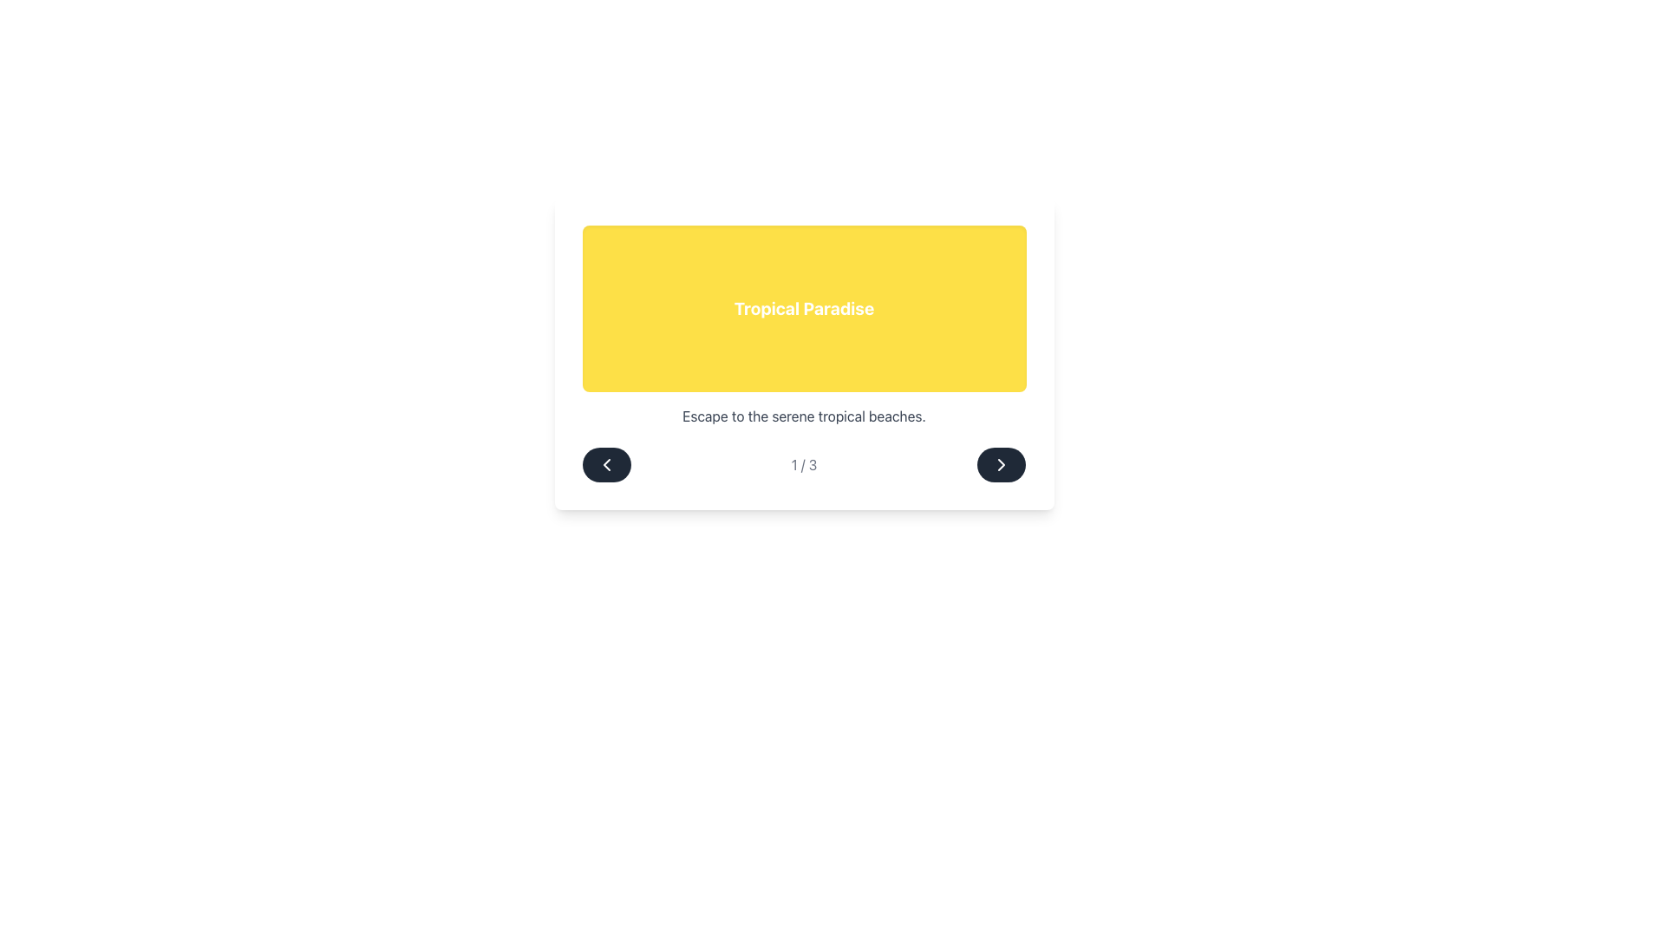 Image resolution: width=1665 pixels, height=937 pixels. Describe the element at coordinates (606, 464) in the screenshot. I see `the leftmost button` at that location.